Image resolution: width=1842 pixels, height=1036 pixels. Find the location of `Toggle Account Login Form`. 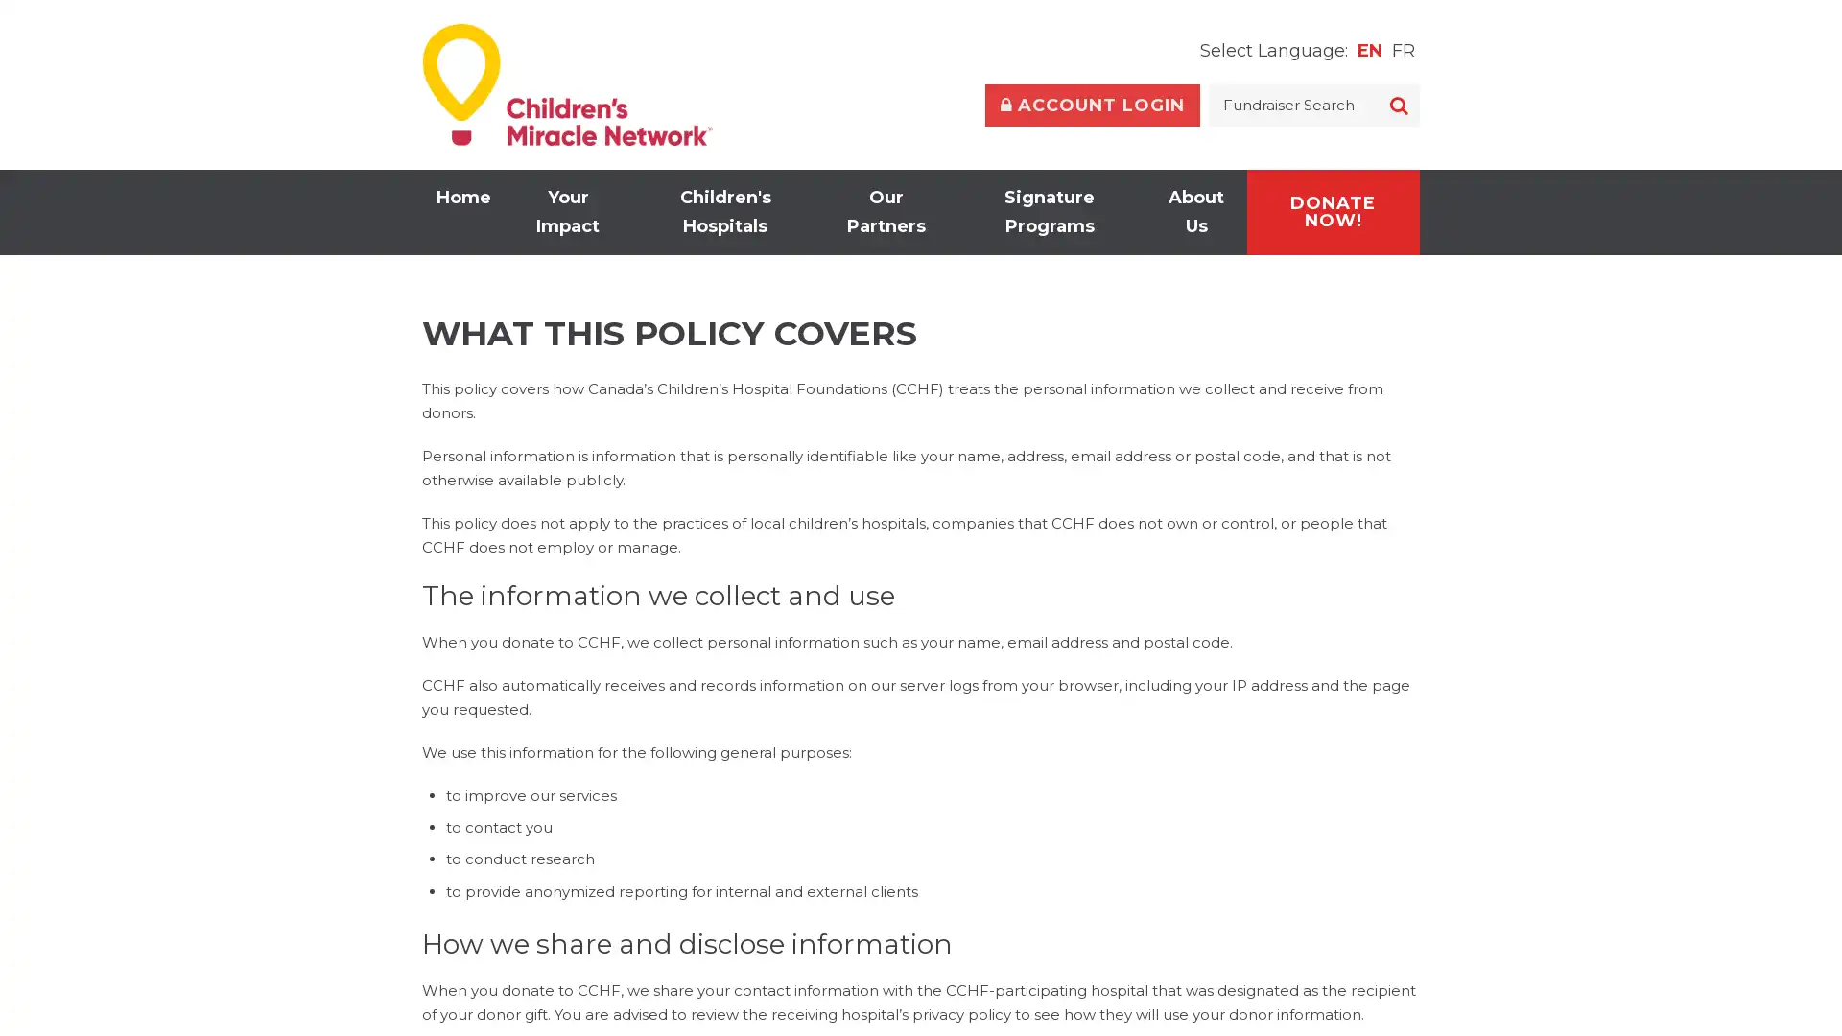

Toggle Account Login Form is located at coordinates (1100, 104).